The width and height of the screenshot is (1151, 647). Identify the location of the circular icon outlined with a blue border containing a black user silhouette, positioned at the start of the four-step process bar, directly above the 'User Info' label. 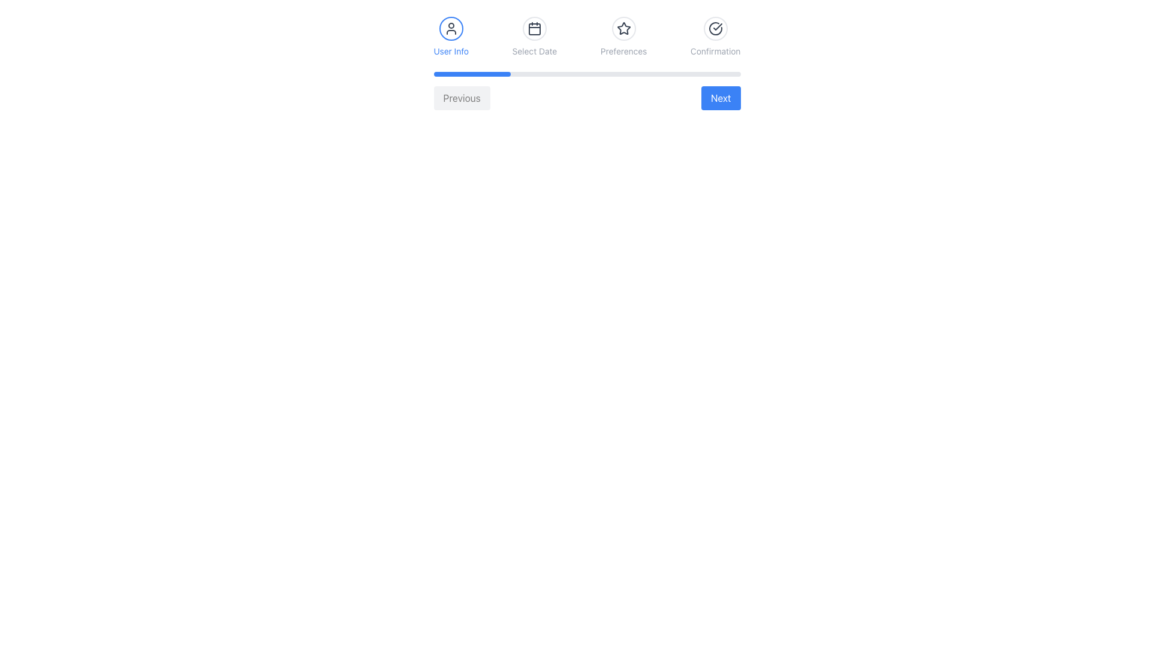
(450, 28).